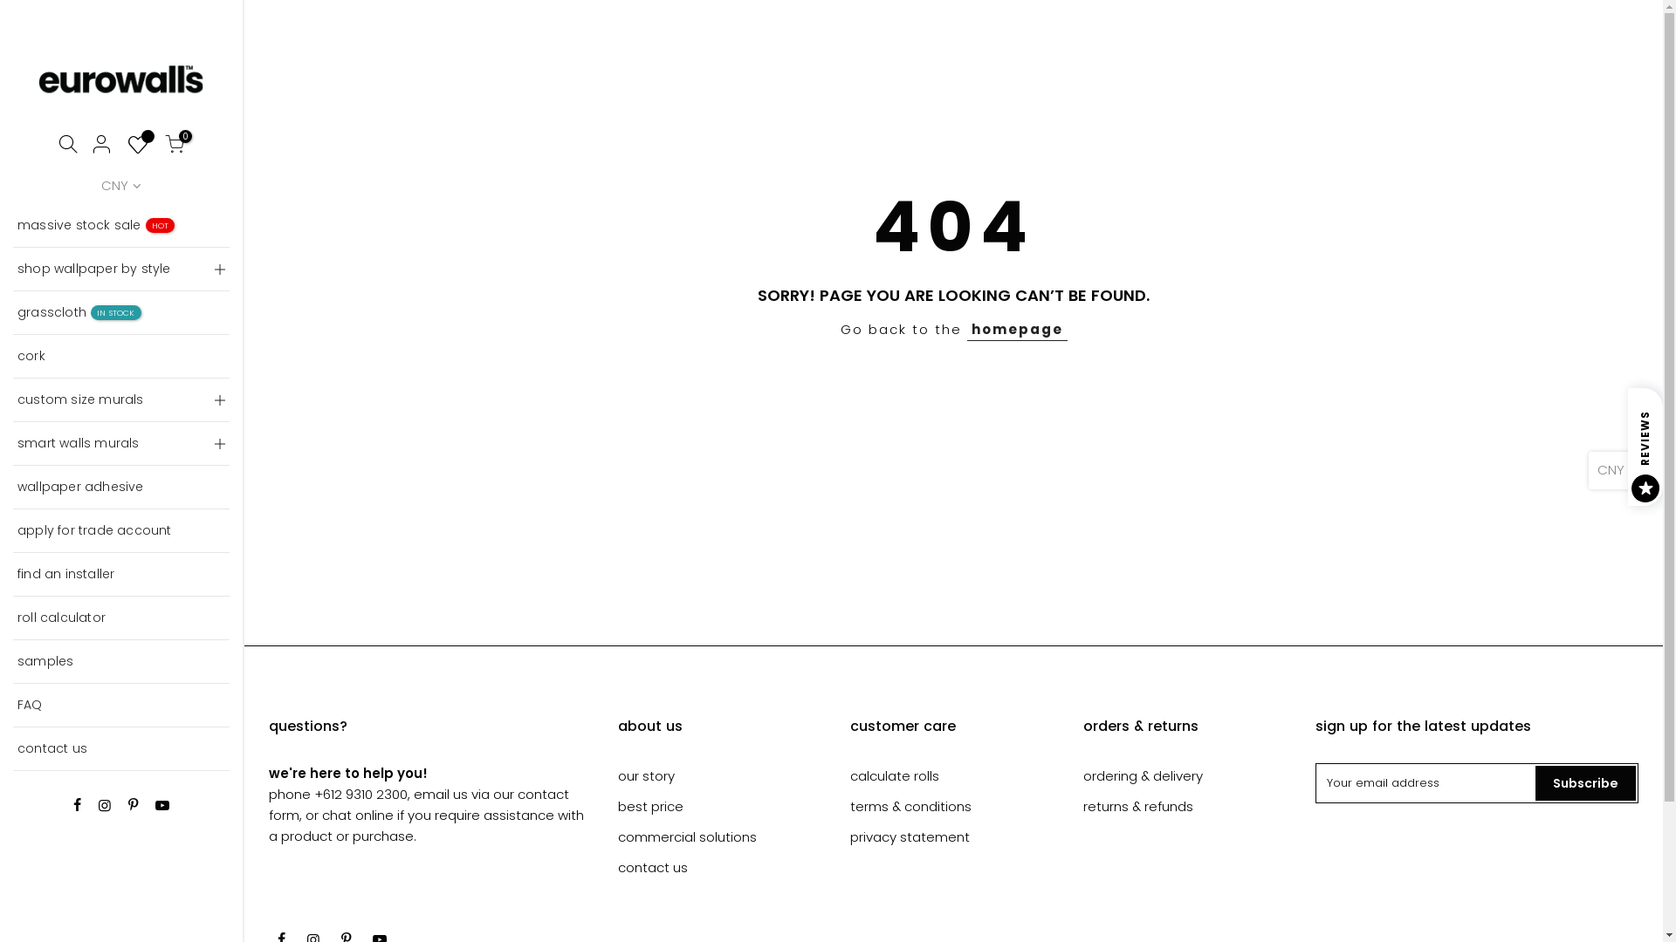 Image resolution: width=1676 pixels, height=942 pixels. Describe the element at coordinates (137, 146) in the screenshot. I see `'0'` at that location.